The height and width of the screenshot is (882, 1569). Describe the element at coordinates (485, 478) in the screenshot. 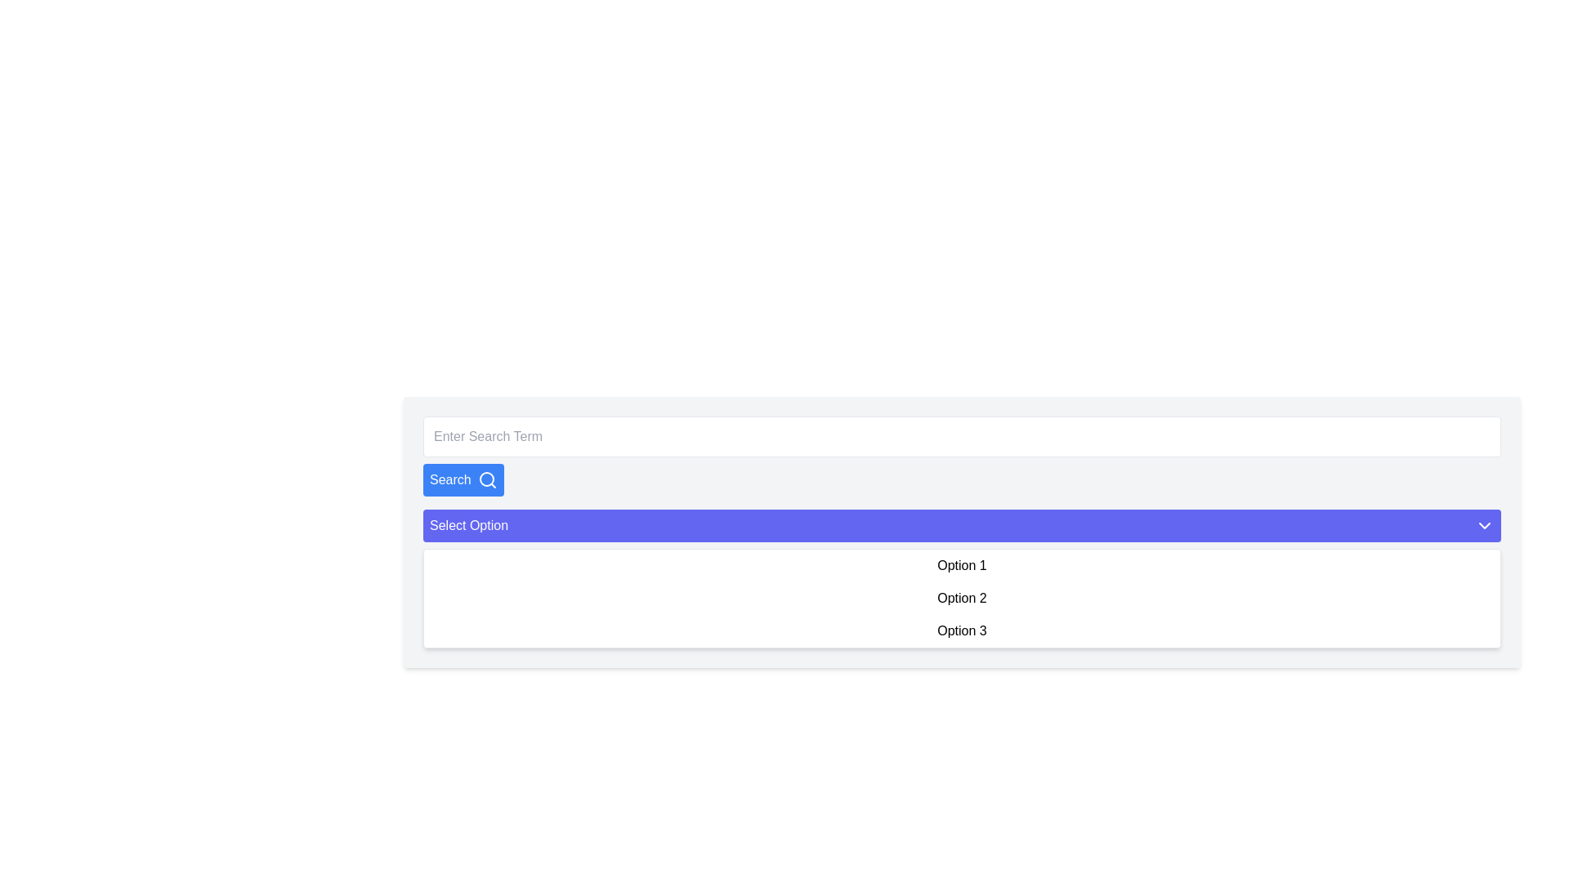

I see `the circular part of the magnifying glass icon, which is located on the left side of the 'Search' button text` at that location.